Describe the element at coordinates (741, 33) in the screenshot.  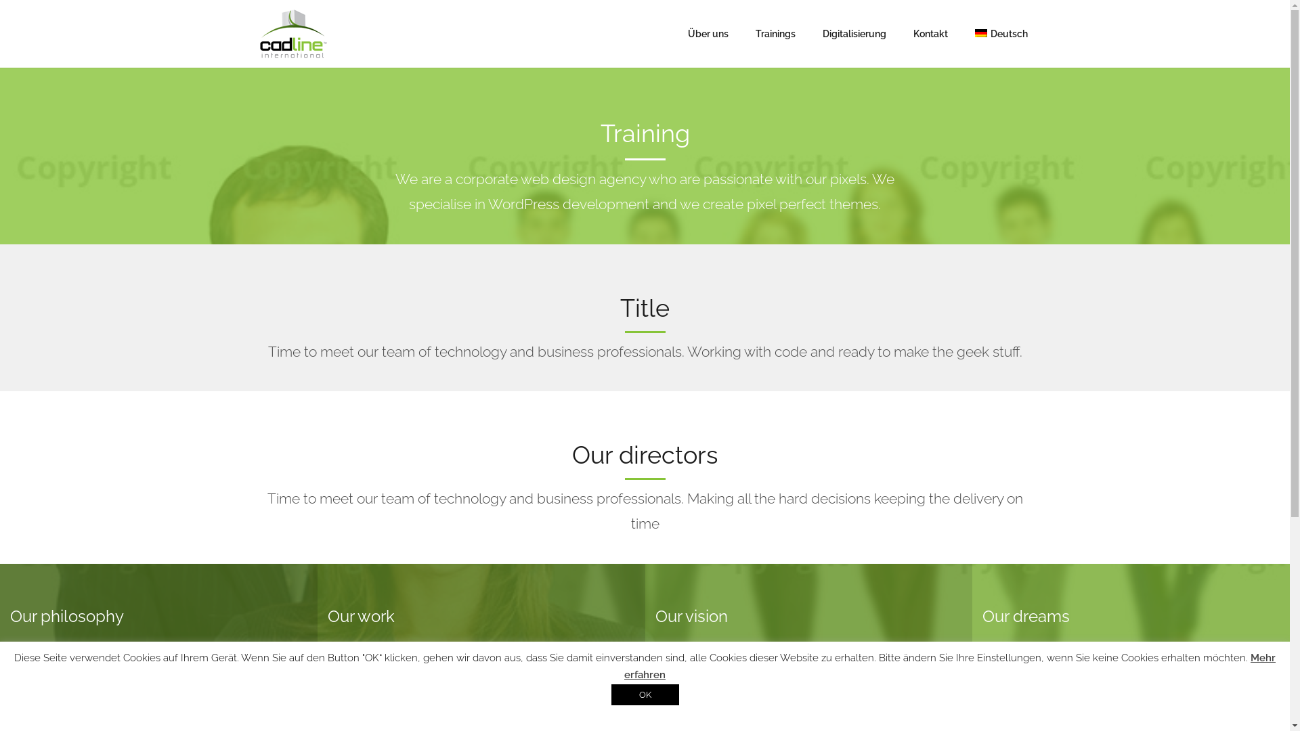
I see `'Trainings'` at that location.